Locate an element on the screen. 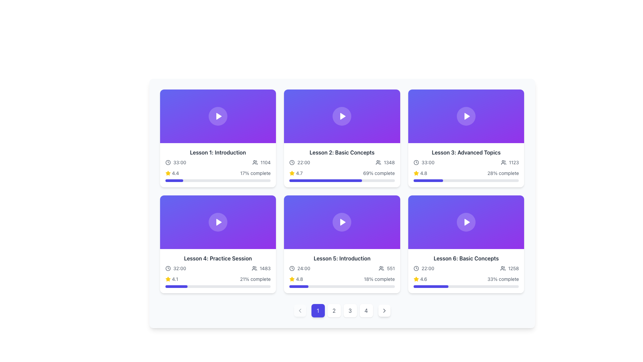 The width and height of the screenshot is (643, 362). the count represented by the user icon label displaying '1104', located to the right of '33:00' in the card titled 'Lesson 1: Introduction' is located at coordinates (261, 163).